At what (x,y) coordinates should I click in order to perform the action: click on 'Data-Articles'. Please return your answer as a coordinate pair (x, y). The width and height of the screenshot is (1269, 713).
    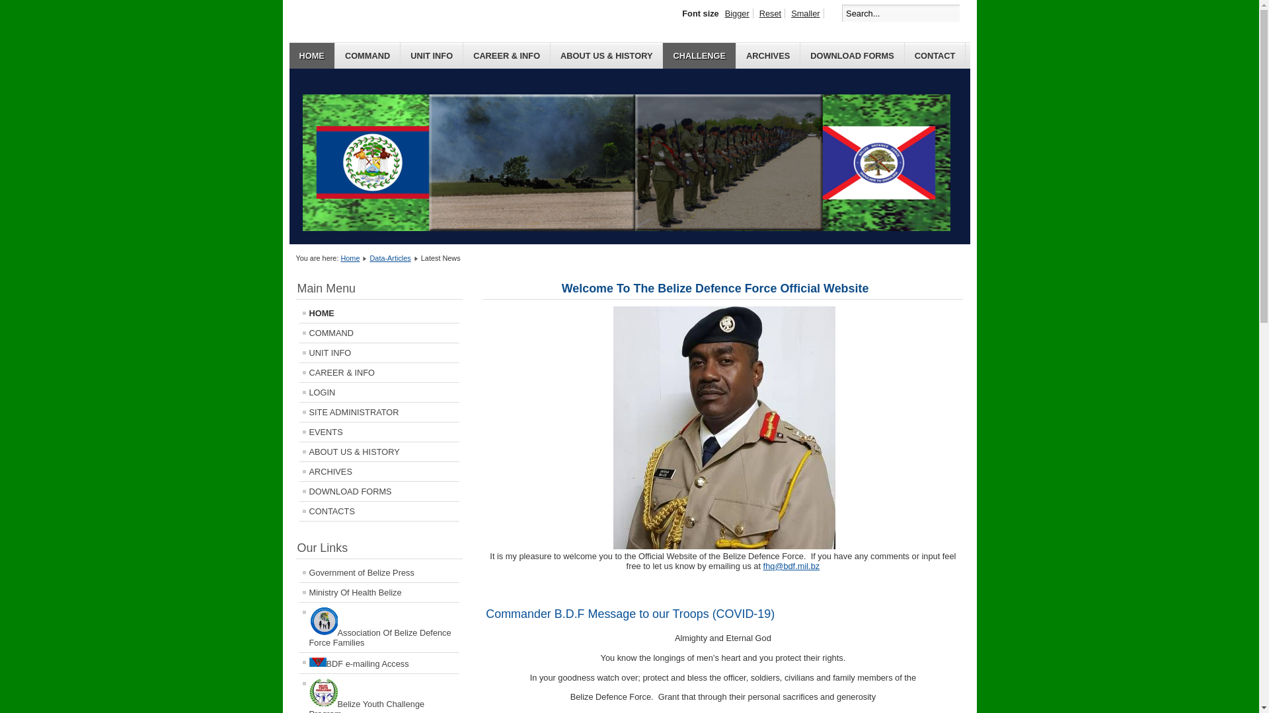
    Looking at the image, I should click on (389, 257).